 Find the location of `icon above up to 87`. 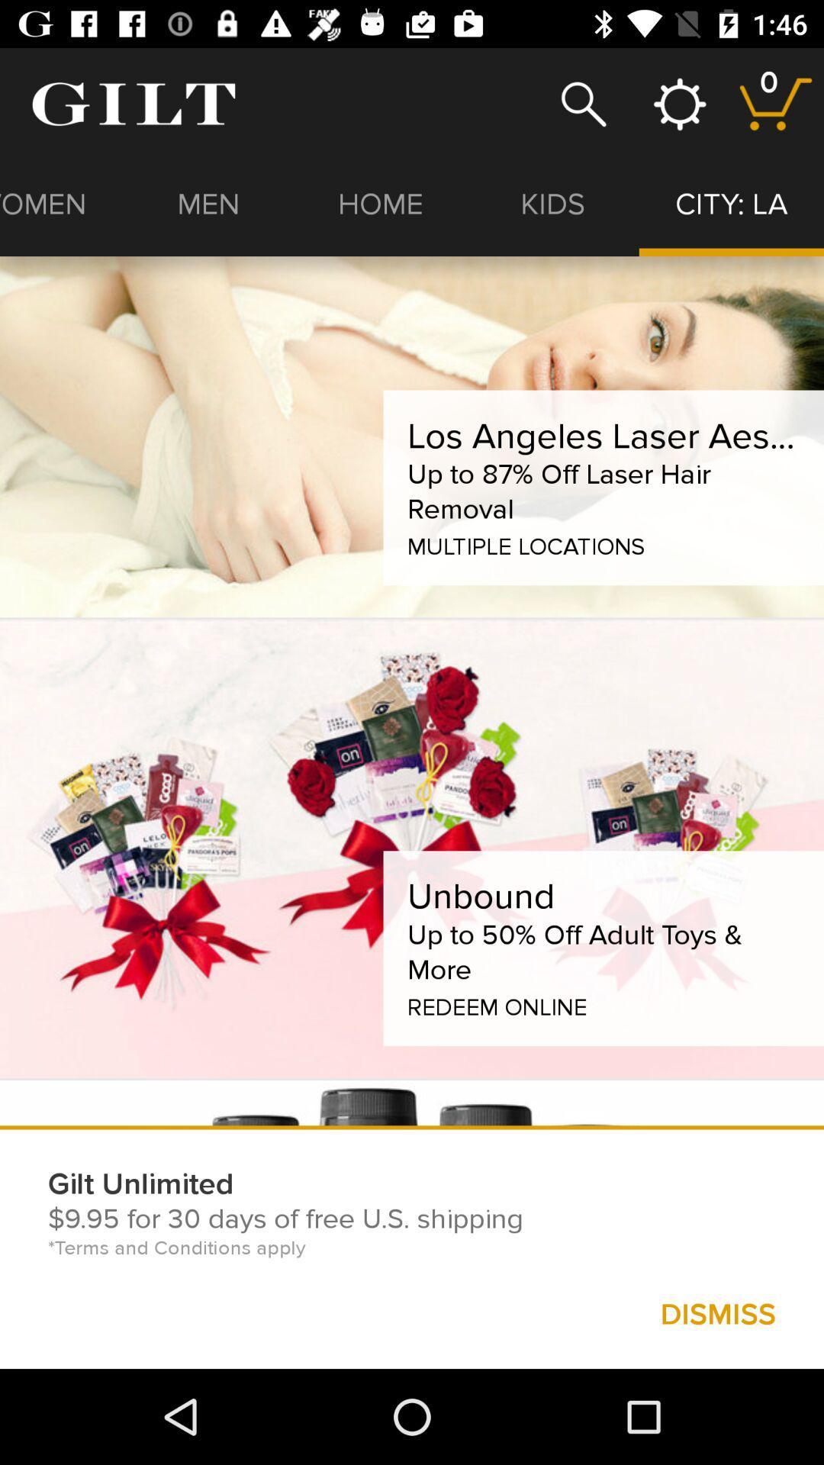

icon above up to 87 is located at coordinates (603, 435).